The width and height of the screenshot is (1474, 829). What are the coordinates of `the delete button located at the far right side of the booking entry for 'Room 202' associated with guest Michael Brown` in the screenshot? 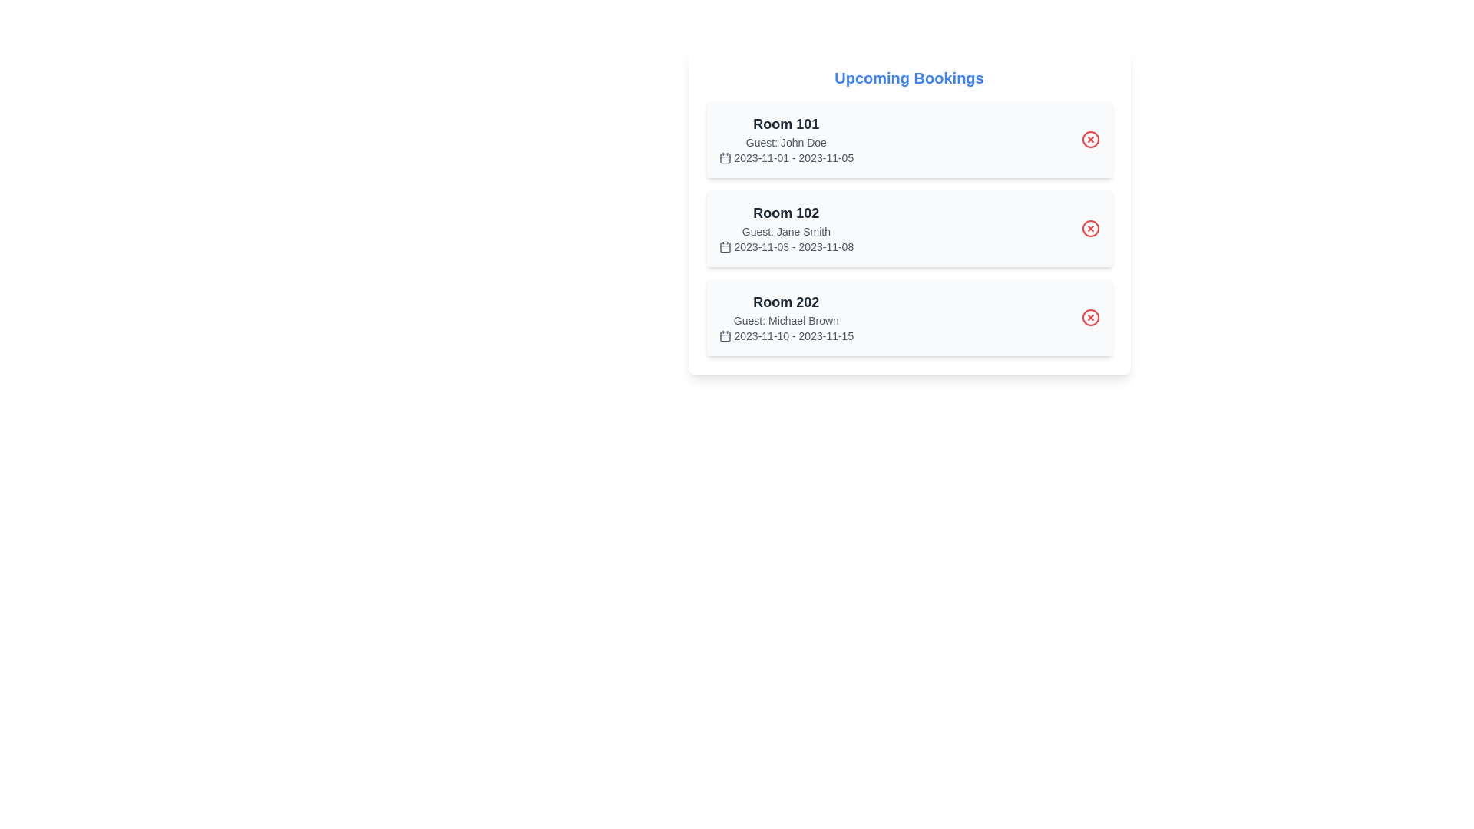 It's located at (1089, 316).